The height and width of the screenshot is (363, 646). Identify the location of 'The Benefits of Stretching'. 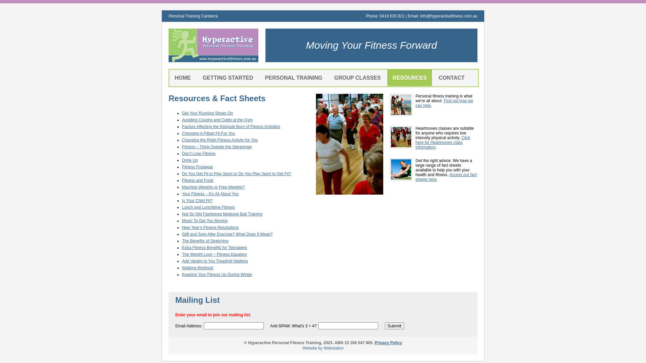
(205, 241).